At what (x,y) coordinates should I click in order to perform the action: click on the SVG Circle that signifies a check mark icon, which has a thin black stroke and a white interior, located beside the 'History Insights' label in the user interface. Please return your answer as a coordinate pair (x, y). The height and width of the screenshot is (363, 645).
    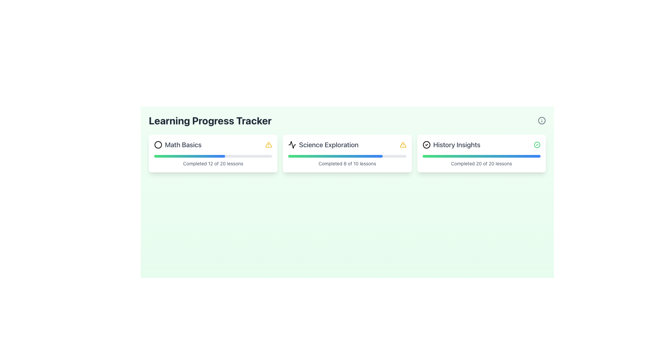
    Looking at the image, I should click on (426, 145).